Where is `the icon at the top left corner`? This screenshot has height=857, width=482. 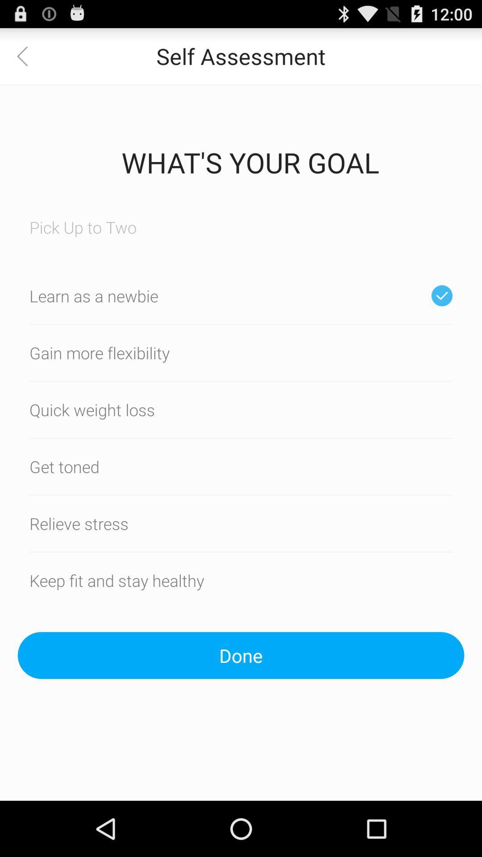 the icon at the top left corner is located at coordinates (27, 55).